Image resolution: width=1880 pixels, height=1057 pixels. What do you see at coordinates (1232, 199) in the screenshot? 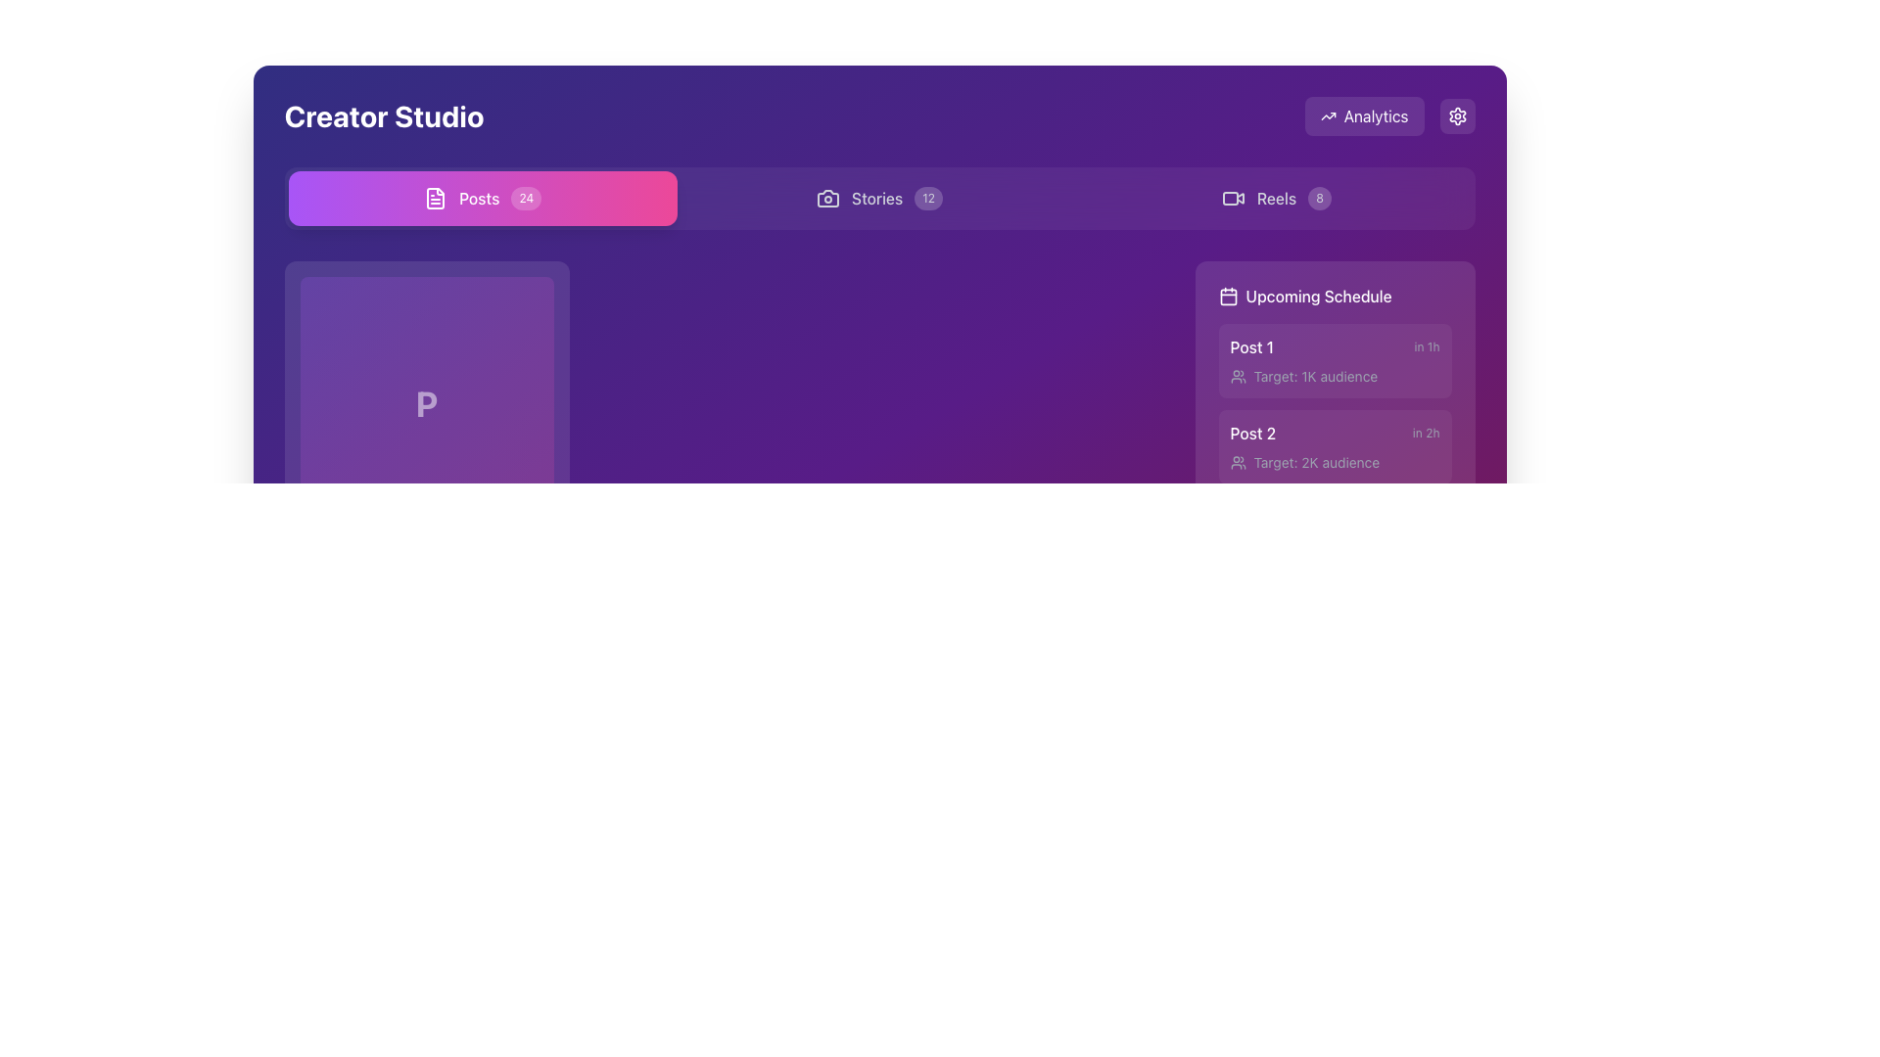
I see `the video icon, which is rectangular with a camera lens cutout, located to the left of the 'Reels' text and above the numeral '8'` at bounding box center [1232, 199].